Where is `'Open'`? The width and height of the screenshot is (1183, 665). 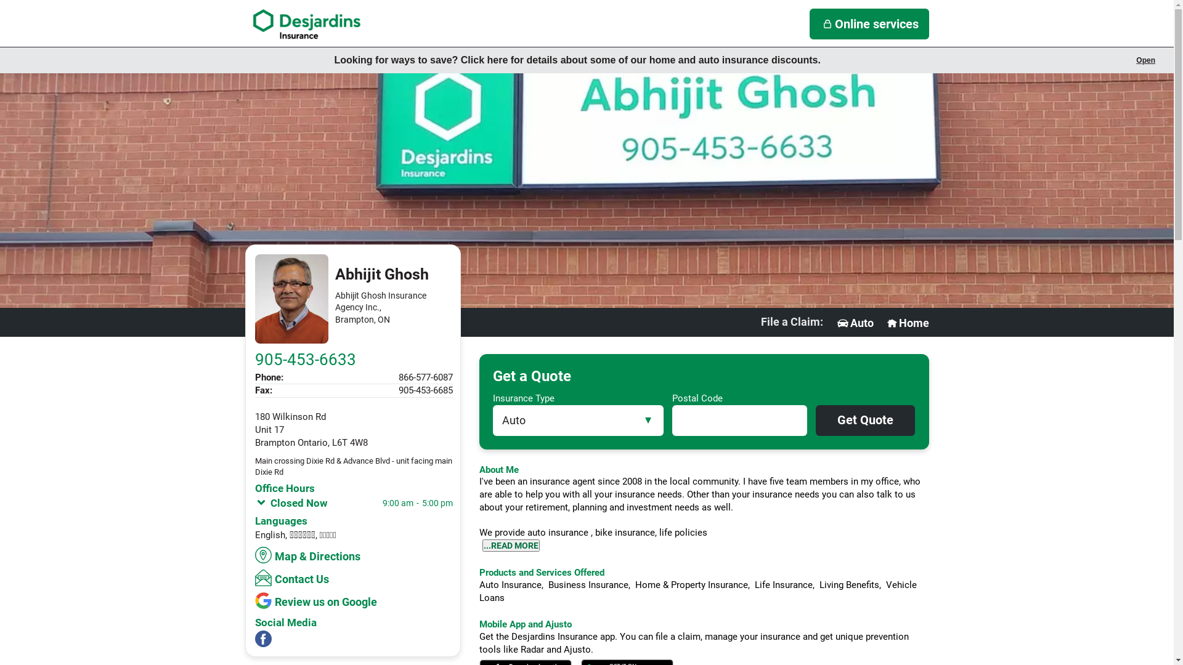
'Open' is located at coordinates (1145, 60).